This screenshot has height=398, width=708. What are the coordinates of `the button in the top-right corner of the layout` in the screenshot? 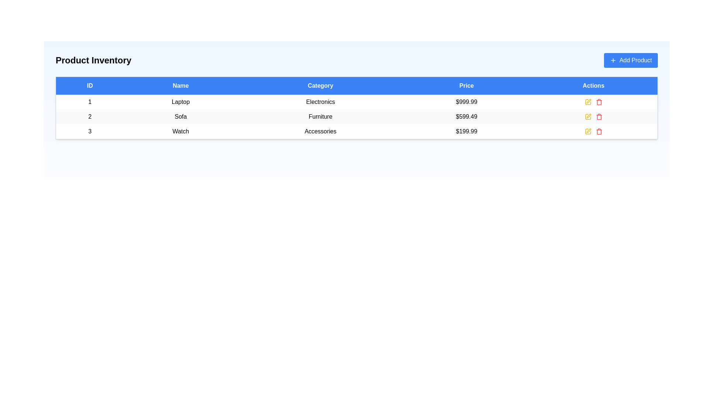 It's located at (630, 60).